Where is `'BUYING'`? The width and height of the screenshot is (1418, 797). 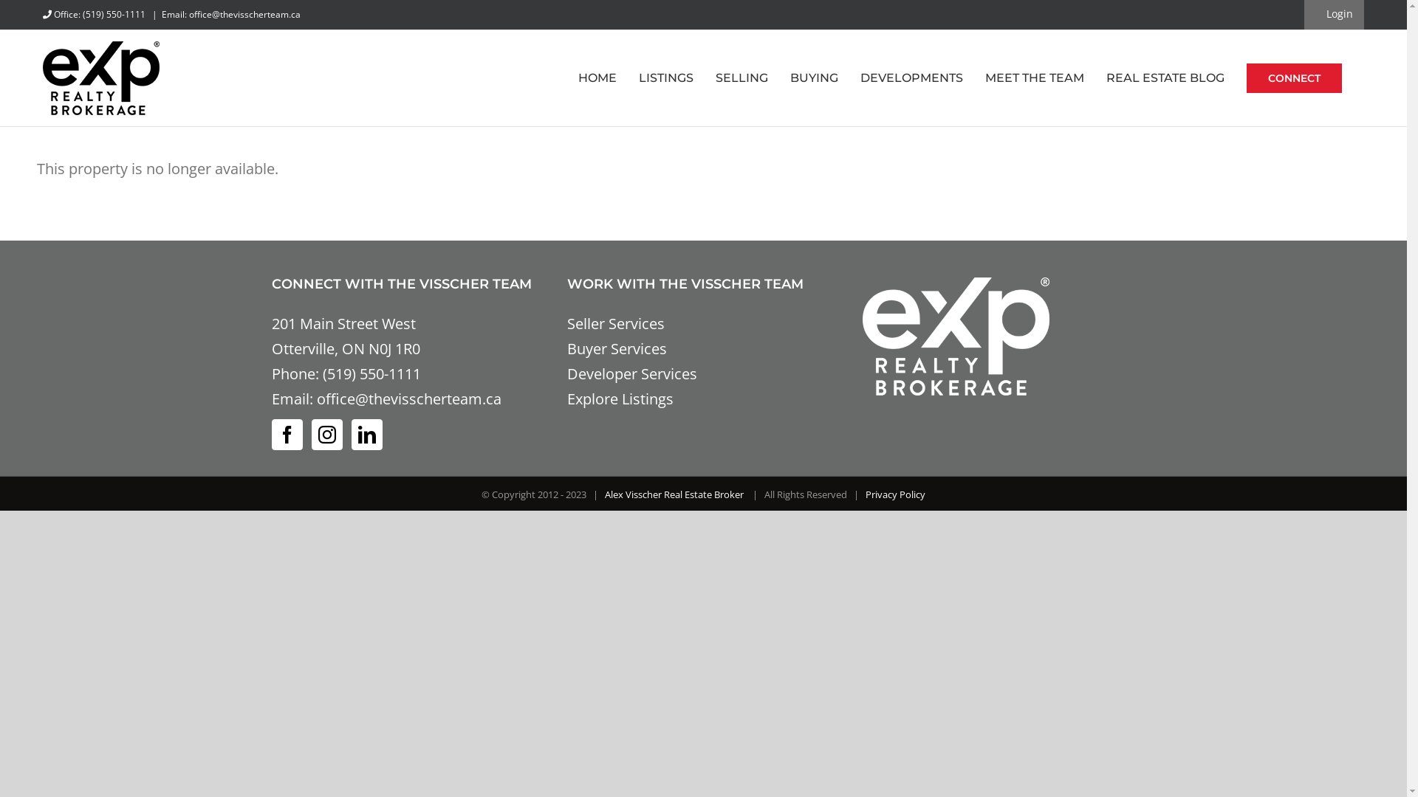
'BUYING' is located at coordinates (813, 77).